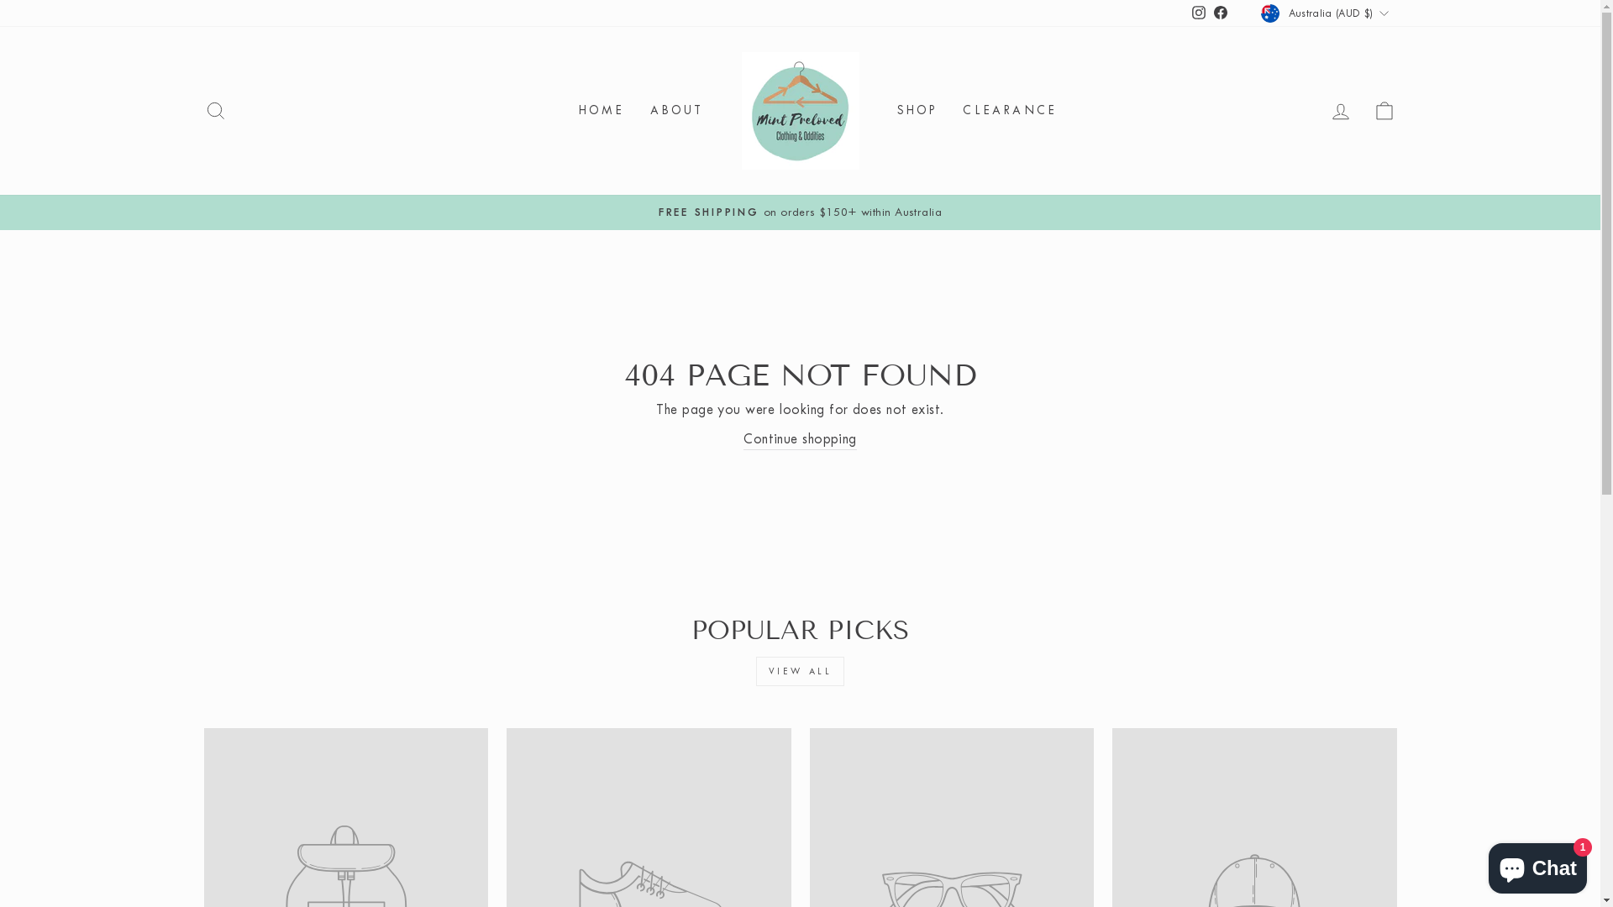 This screenshot has width=1613, height=907. Describe the element at coordinates (1221, 13) in the screenshot. I see `'Facebook'` at that location.